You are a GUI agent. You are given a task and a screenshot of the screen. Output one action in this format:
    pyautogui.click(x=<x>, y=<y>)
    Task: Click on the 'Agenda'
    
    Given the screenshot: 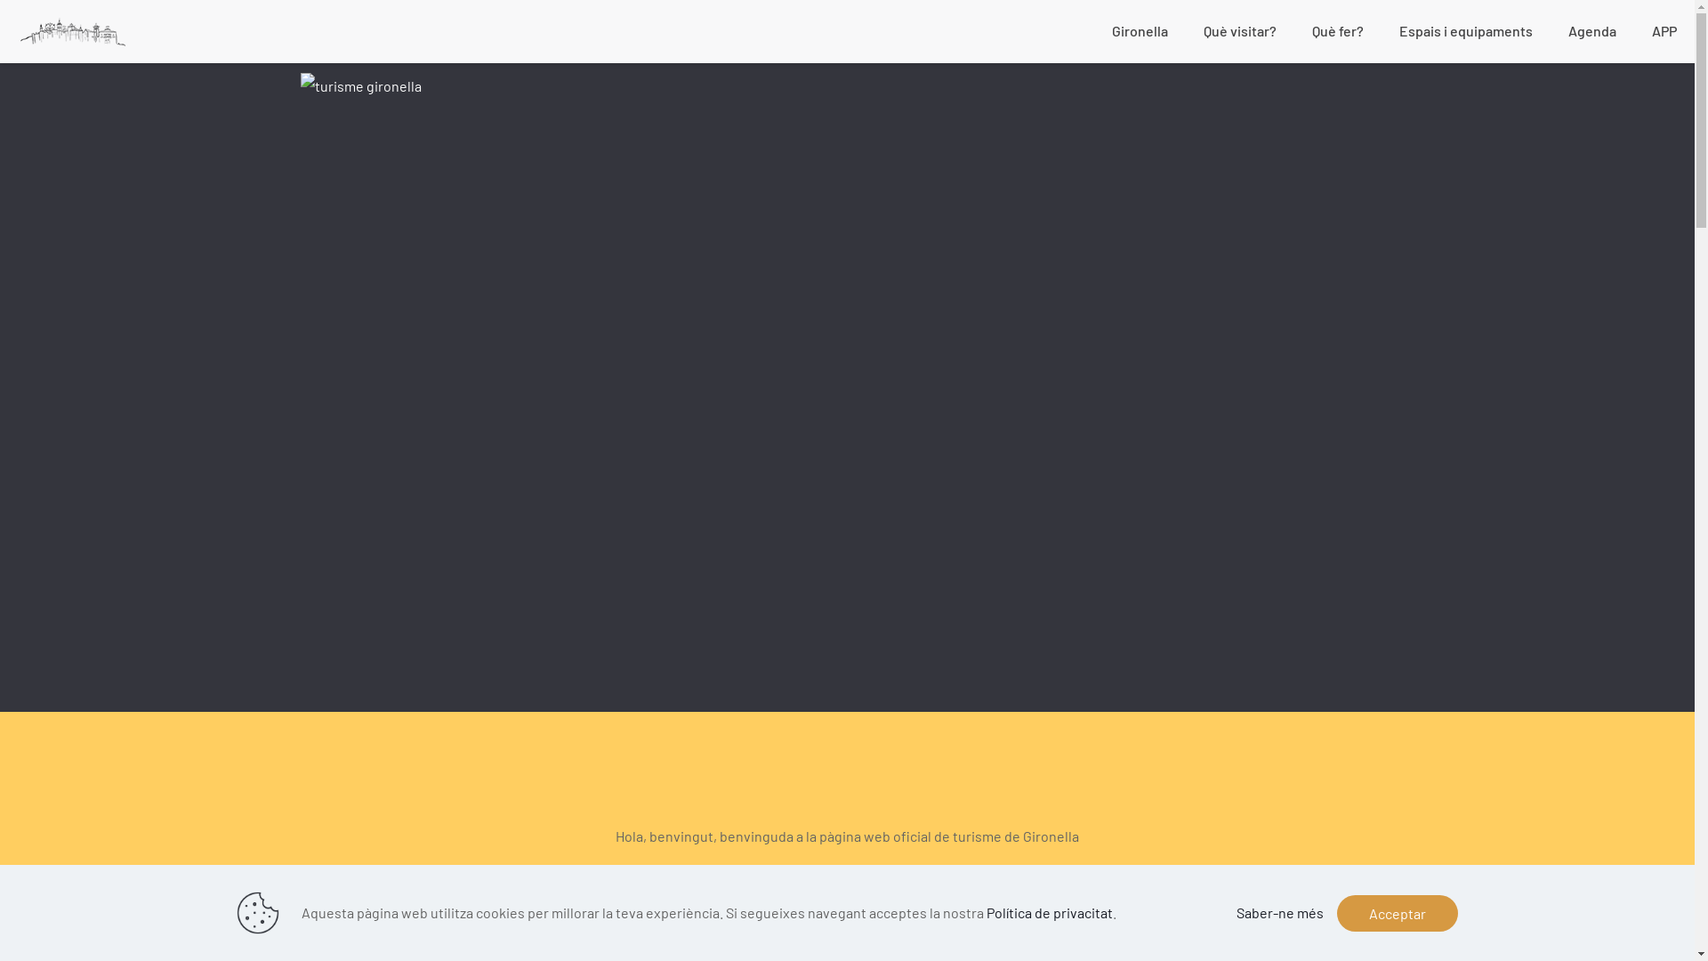 What is the action you would take?
    pyautogui.click(x=1592, y=30)
    